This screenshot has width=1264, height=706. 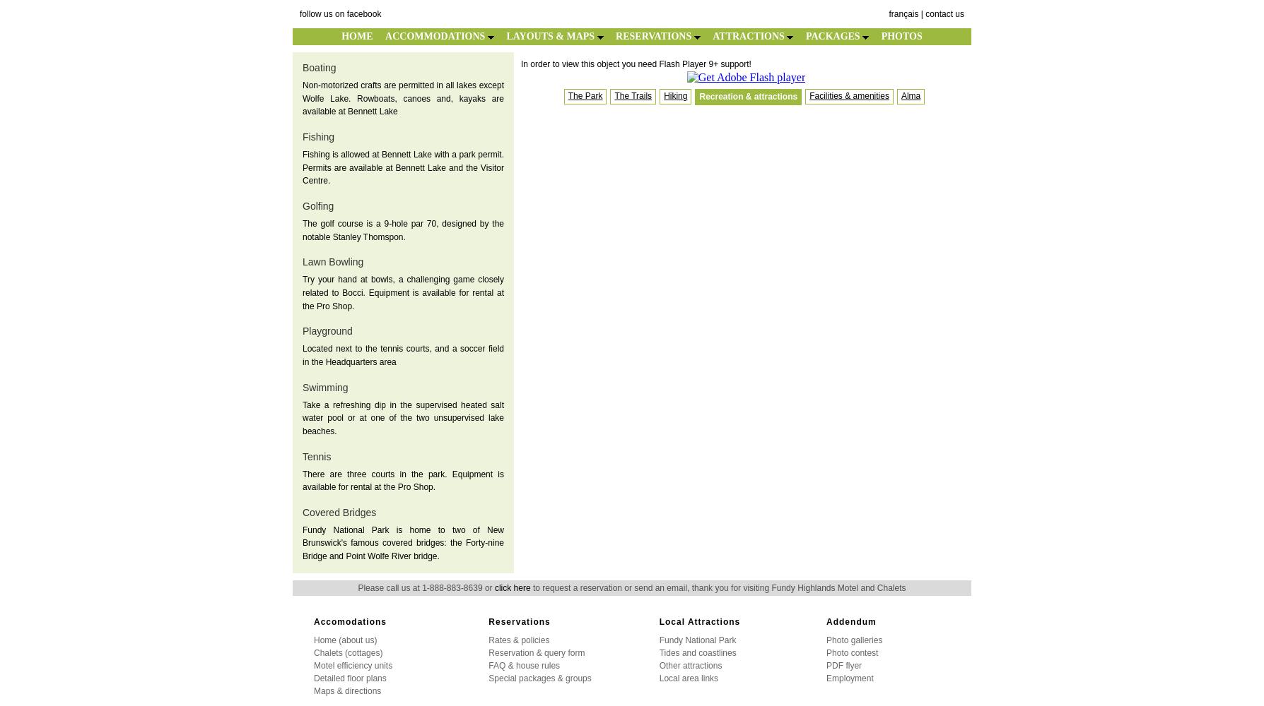 I want to click on 'Virtual Tours', so click(x=27, y=41).